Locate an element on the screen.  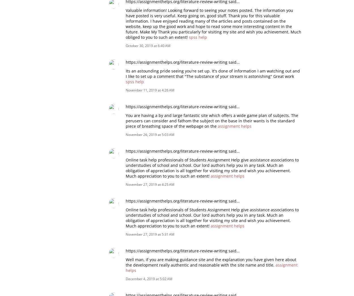
'October 30, 2019 at 6:40 AM' is located at coordinates (148, 45).